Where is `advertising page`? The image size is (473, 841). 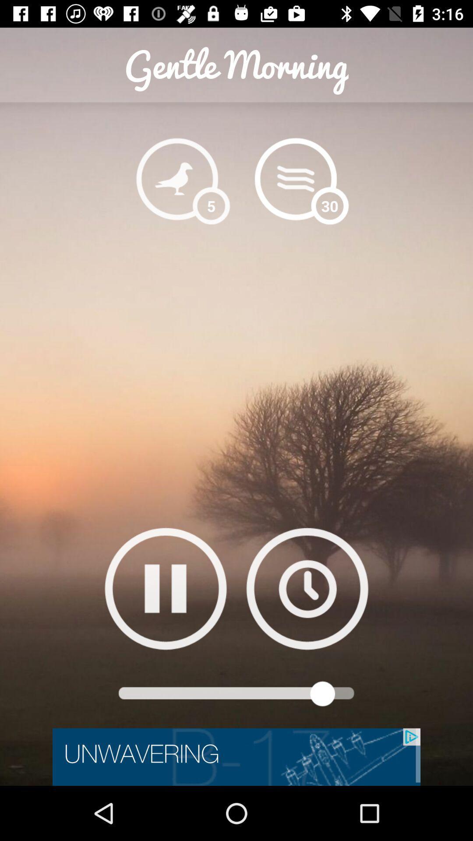
advertising page is located at coordinates (236, 756).